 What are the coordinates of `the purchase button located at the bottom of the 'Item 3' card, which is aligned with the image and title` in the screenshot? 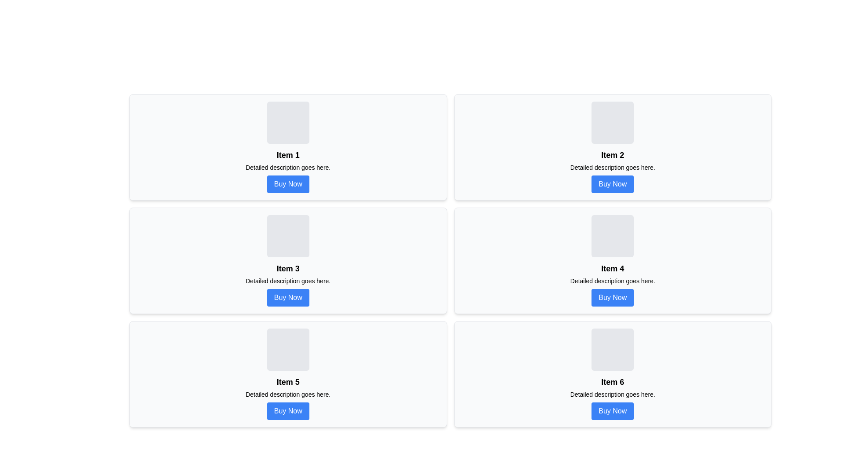 It's located at (288, 297).